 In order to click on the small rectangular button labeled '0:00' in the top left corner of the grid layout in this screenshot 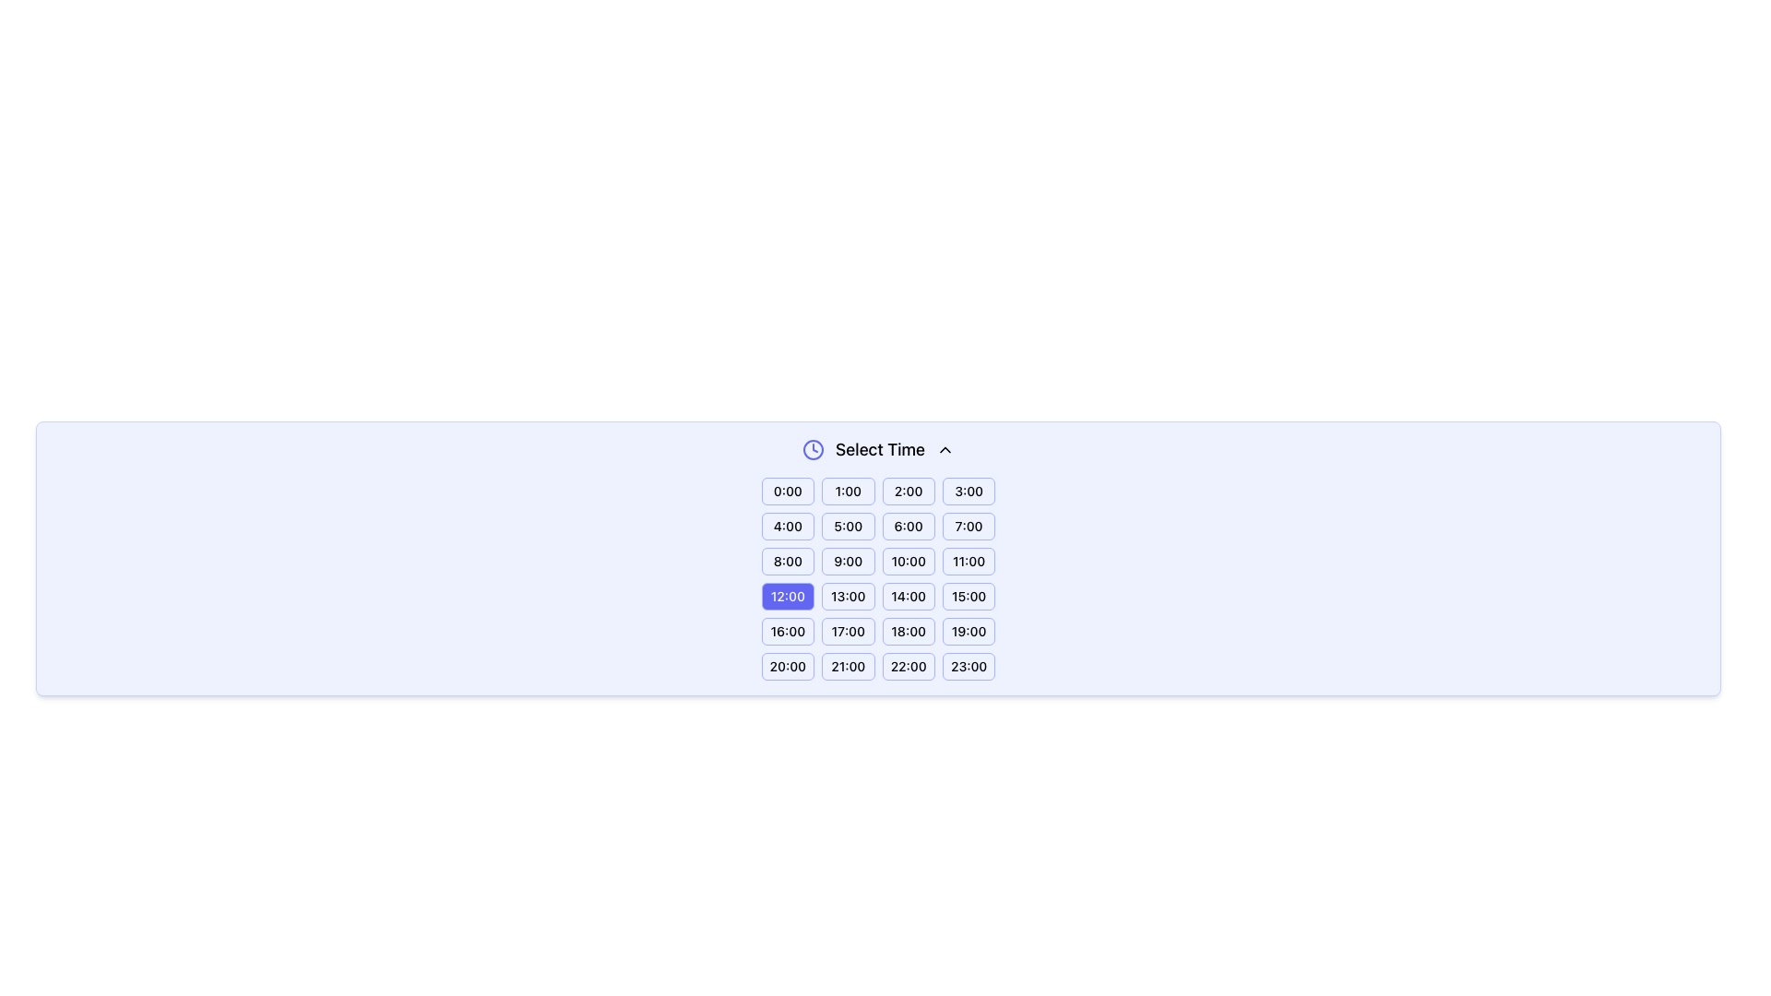, I will do `click(788, 490)`.